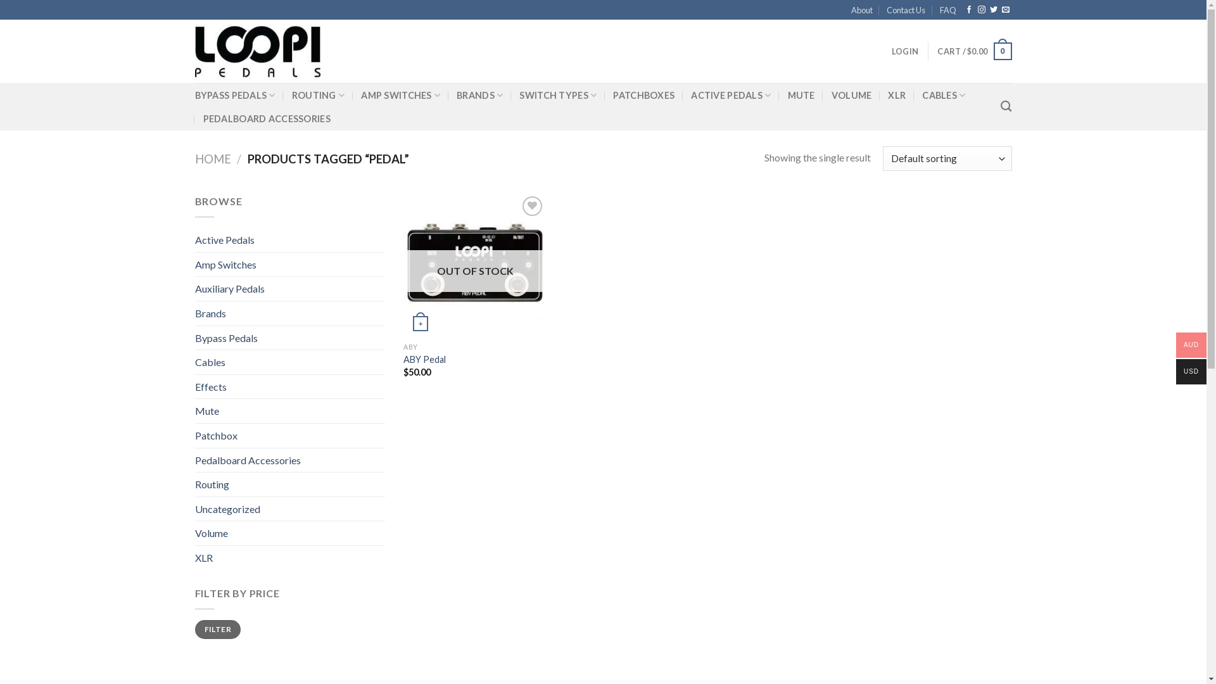  What do you see at coordinates (968, 9) in the screenshot?
I see `'Follow on Facebook'` at bounding box center [968, 9].